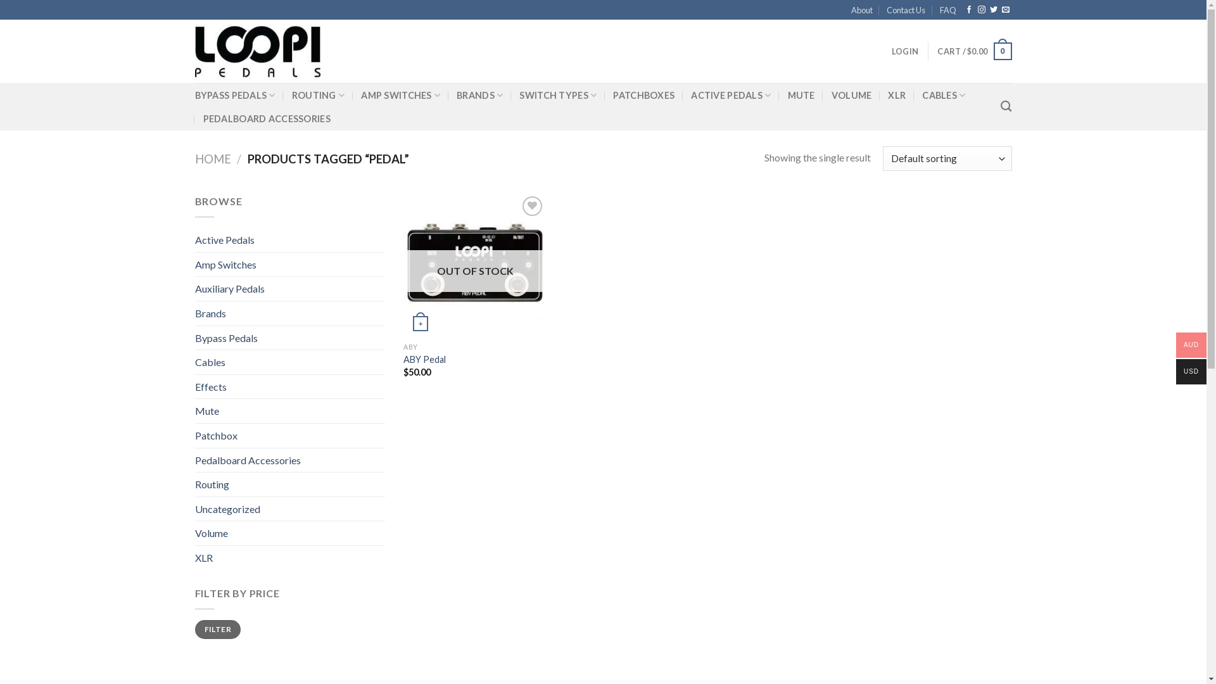  What do you see at coordinates (968, 9) in the screenshot?
I see `'Follow on Facebook'` at bounding box center [968, 9].